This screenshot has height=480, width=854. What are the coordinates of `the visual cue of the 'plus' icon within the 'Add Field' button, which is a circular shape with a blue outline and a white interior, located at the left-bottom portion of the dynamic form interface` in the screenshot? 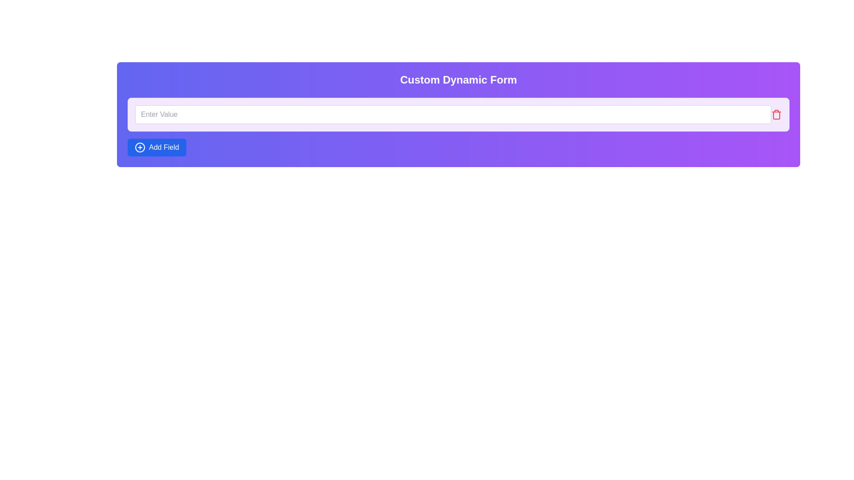 It's located at (140, 147).